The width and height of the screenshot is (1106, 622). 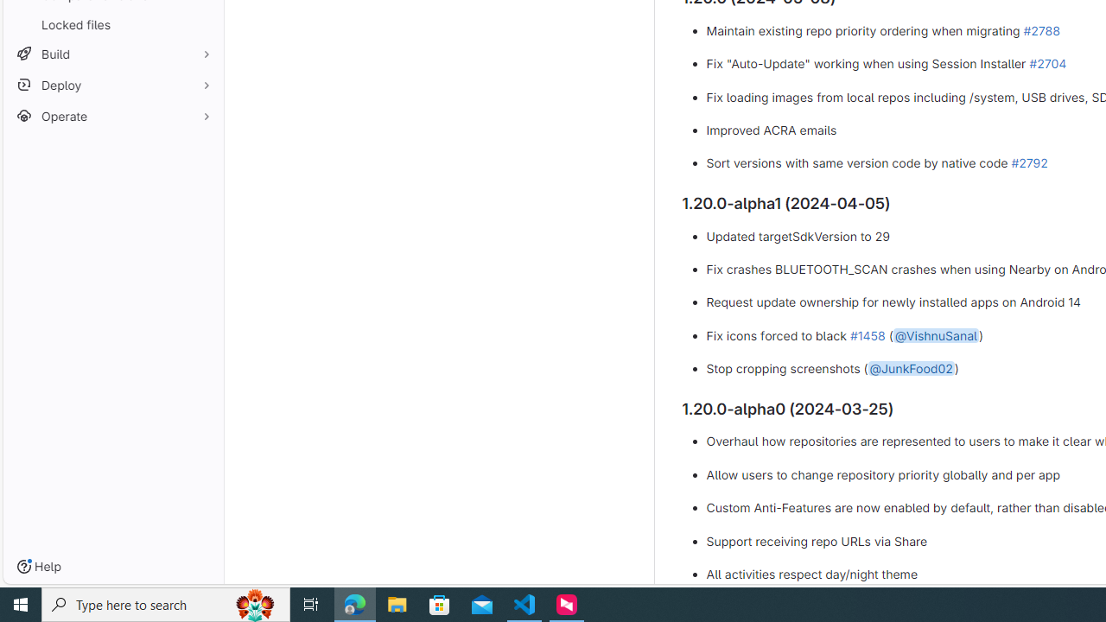 I want to click on '@VishnuSanal', so click(x=934, y=334).